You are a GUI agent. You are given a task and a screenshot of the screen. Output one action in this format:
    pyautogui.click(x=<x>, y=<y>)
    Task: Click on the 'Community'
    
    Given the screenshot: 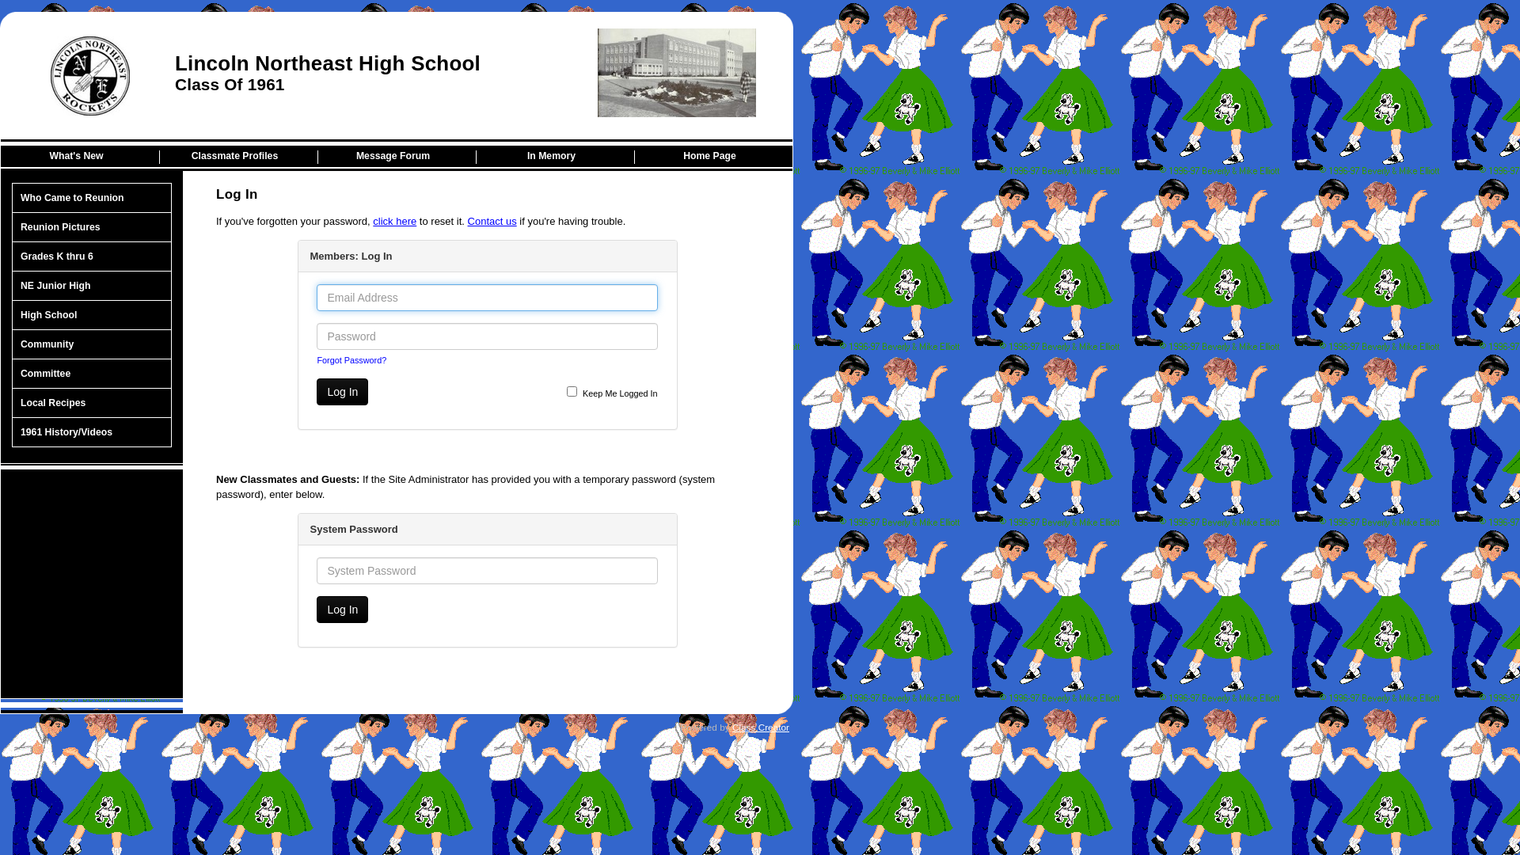 What is the action you would take?
    pyautogui.click(x=90, y=344)
    